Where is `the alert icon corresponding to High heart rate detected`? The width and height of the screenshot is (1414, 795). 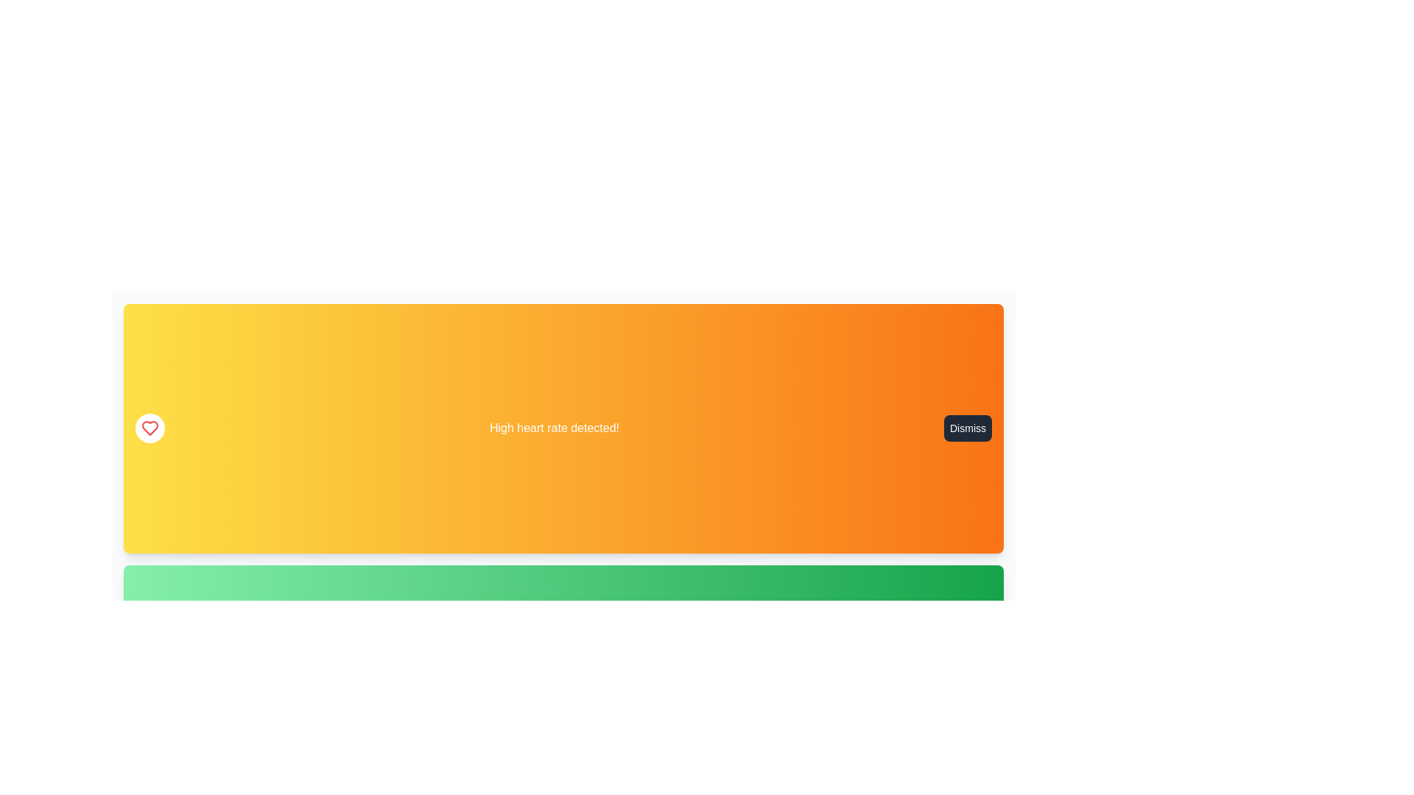 the alert icon corresponding to High heart rate detected is located at coordinates (150, 428).